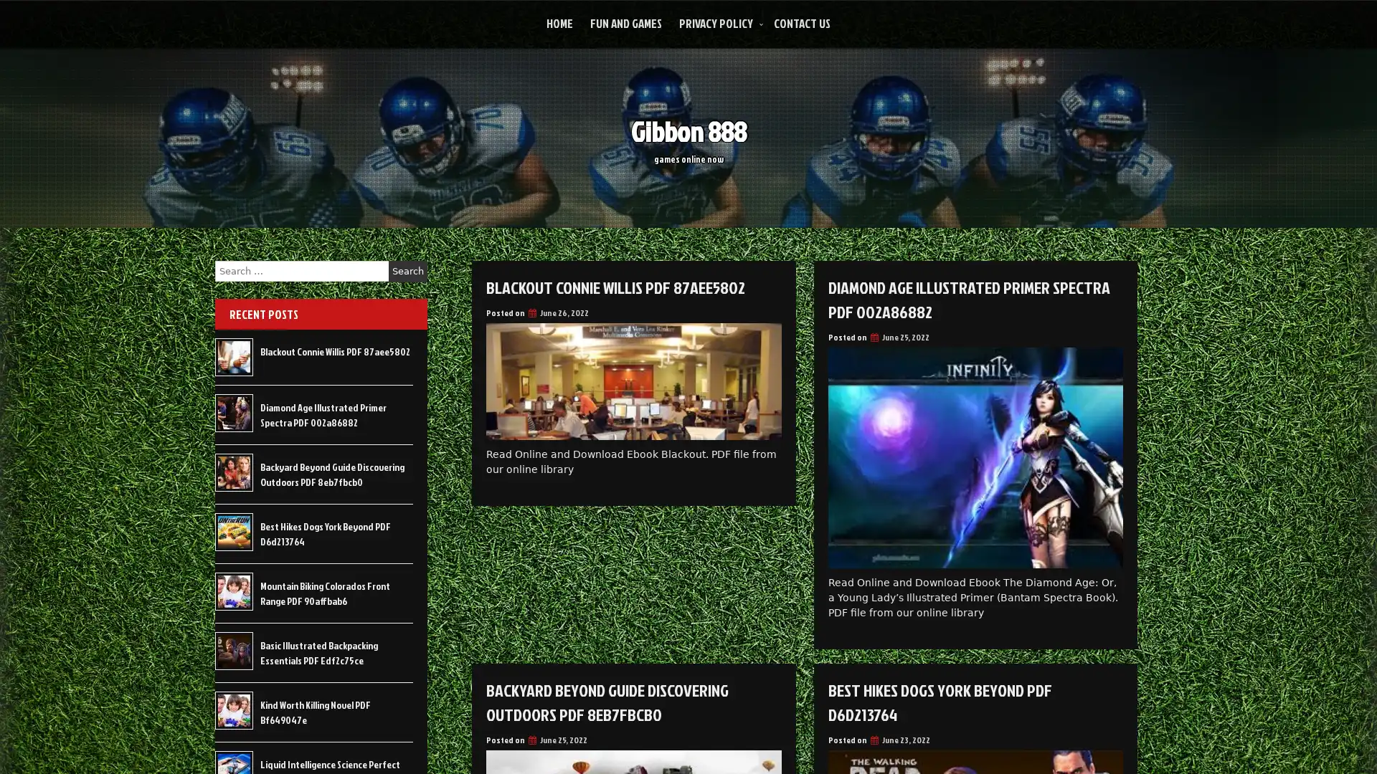 The height and width of the screenshot is (774, 1377). I want to click on Search, so click(407, 271).